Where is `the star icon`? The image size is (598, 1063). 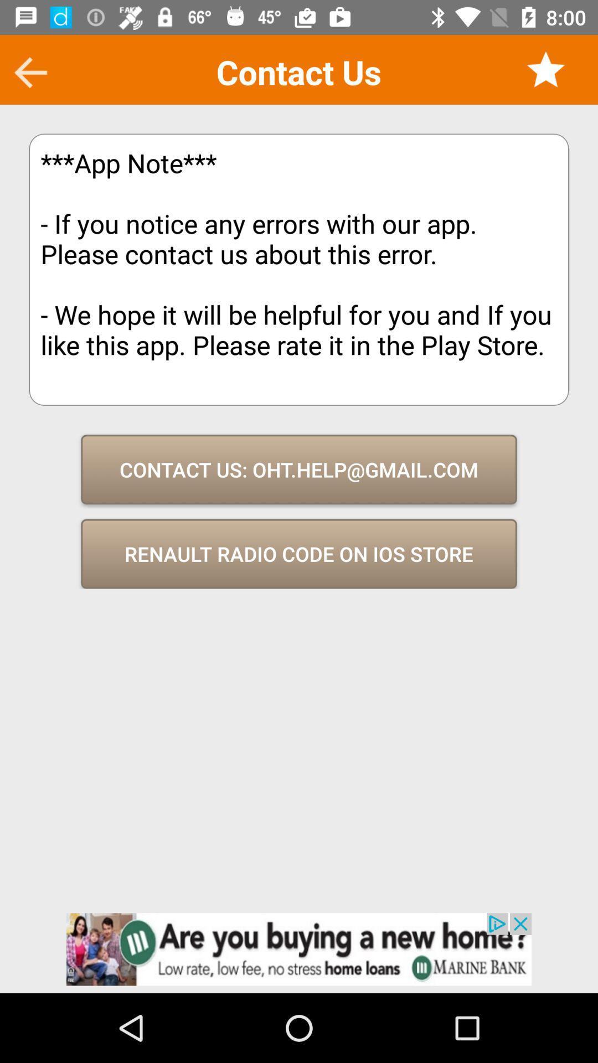 the star icon is located at coordinates (545, 69).